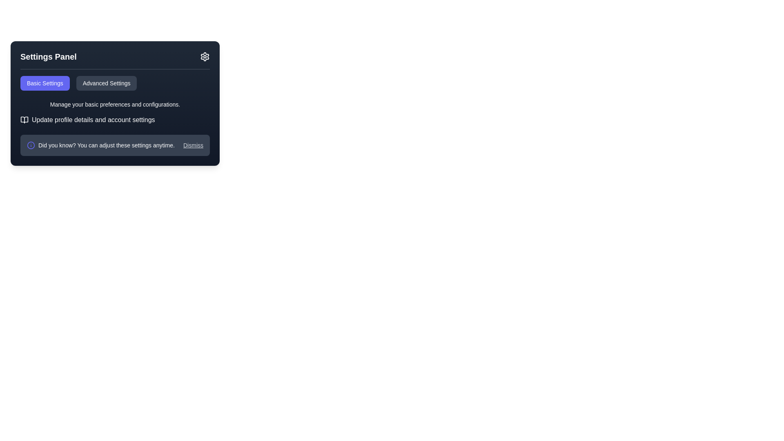 The width and height of the screenshot is (784, 441). Describe the element at coordinates (205, 56) in the screenshot. I see `the cogwheel-shaped icon button in the top-right corner of the 'Settings Panel'` at that location.